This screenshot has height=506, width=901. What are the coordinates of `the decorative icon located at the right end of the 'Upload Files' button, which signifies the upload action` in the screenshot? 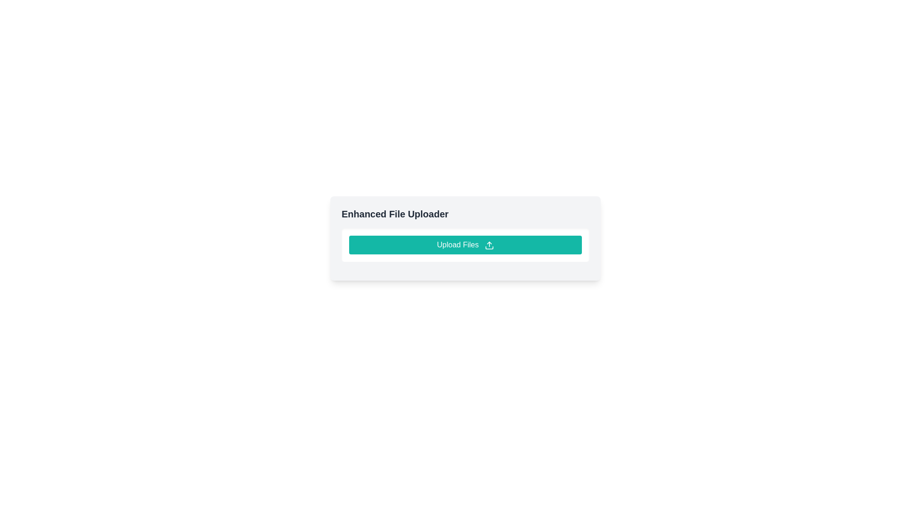 It's located at (489, 245).